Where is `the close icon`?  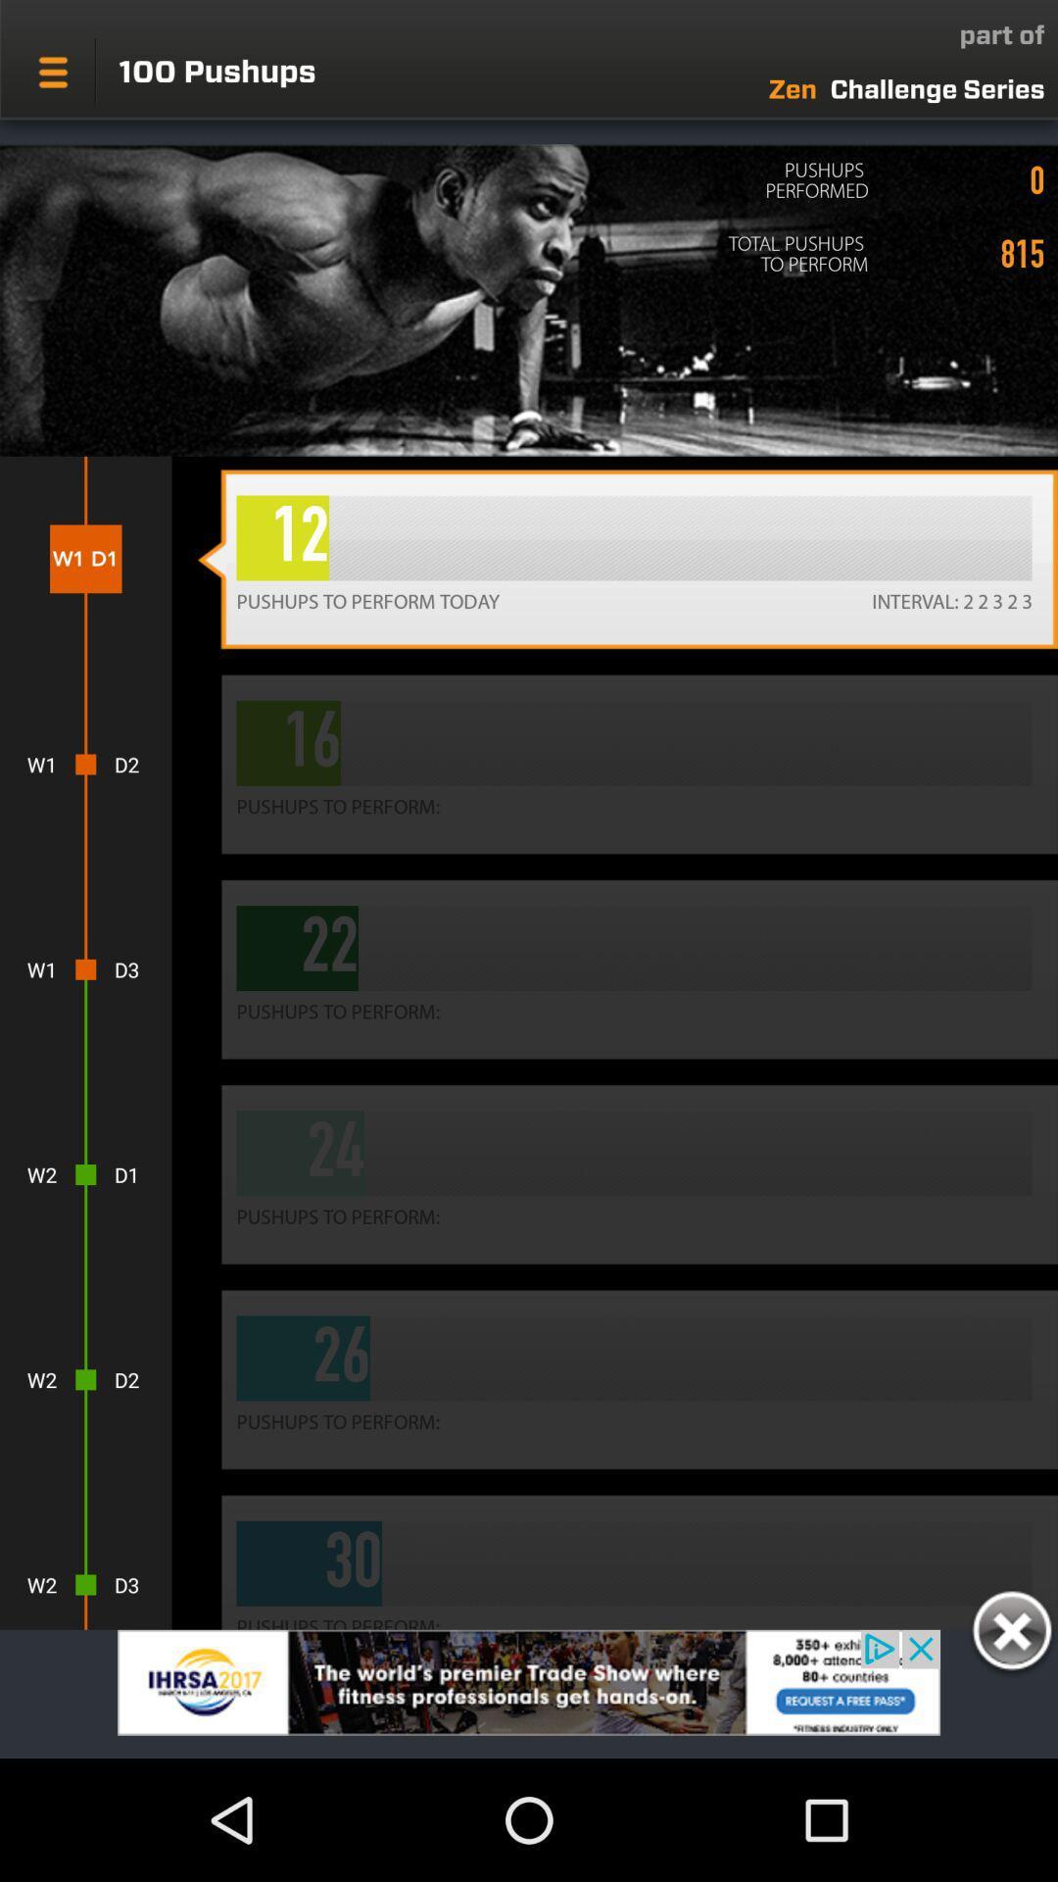 the close icon is located at coordinates (1011, 1634).